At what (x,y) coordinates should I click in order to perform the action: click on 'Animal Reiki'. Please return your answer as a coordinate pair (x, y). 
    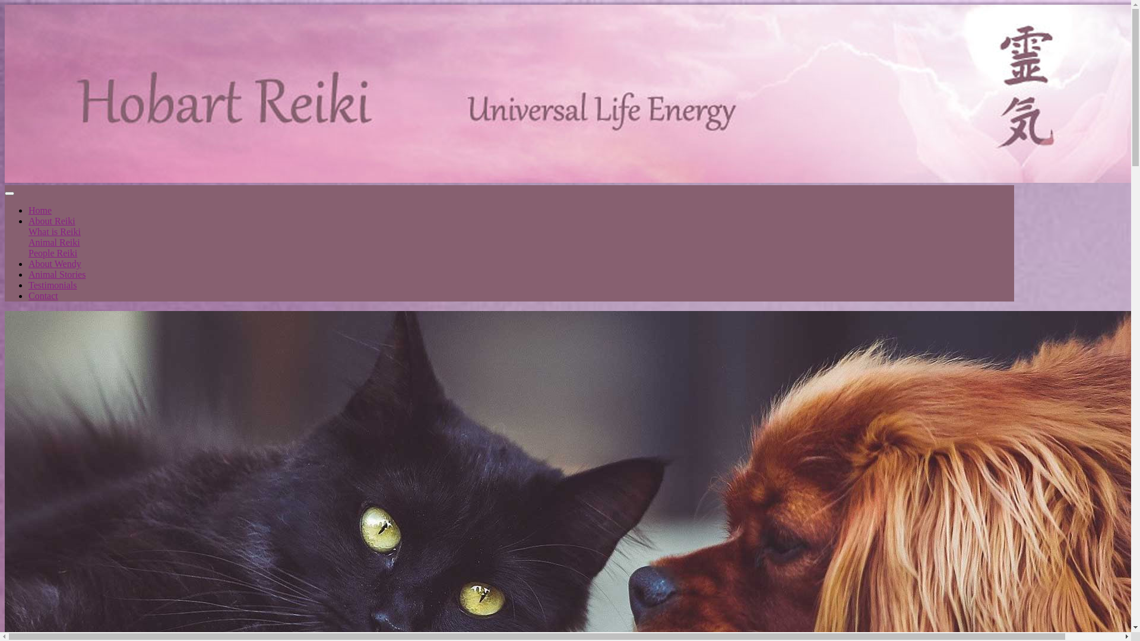
    Looking at the image, I should click on (53, 242).